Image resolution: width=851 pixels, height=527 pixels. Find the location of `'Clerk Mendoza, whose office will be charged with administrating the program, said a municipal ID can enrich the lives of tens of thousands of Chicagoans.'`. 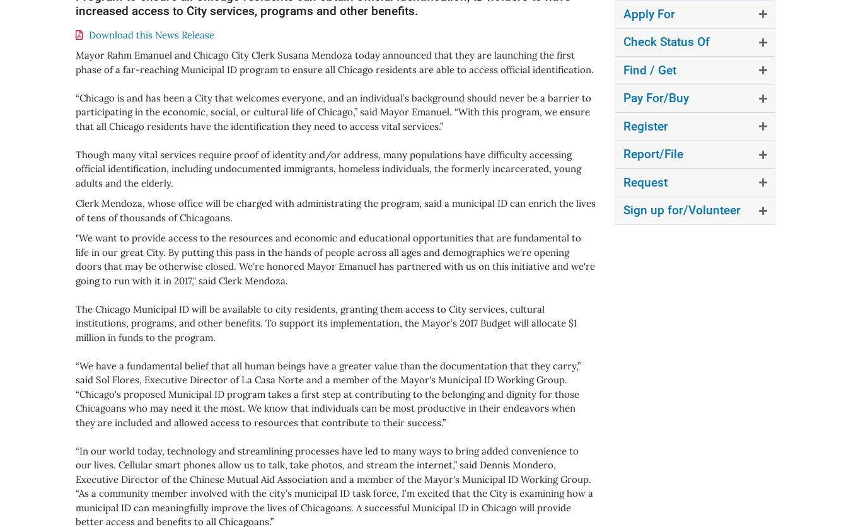

'Clerk Mendoza, whose office will be charged with administrating the program, said a municipal ID can enrich the lives of tens of thousands of Chicagoans.' is located at coordinates (335, 209).